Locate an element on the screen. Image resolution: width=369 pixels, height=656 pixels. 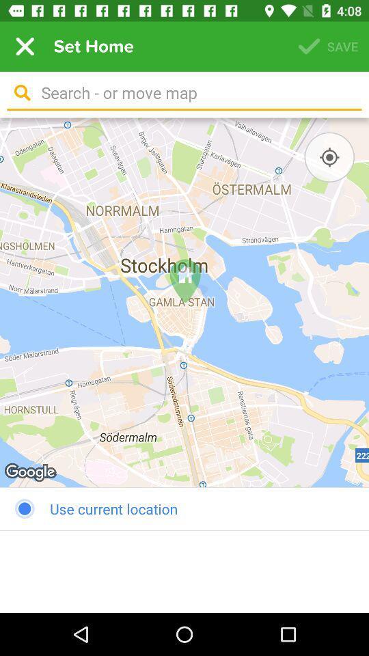
icon to the left of the set home icon is located at coordinates (25, 46).